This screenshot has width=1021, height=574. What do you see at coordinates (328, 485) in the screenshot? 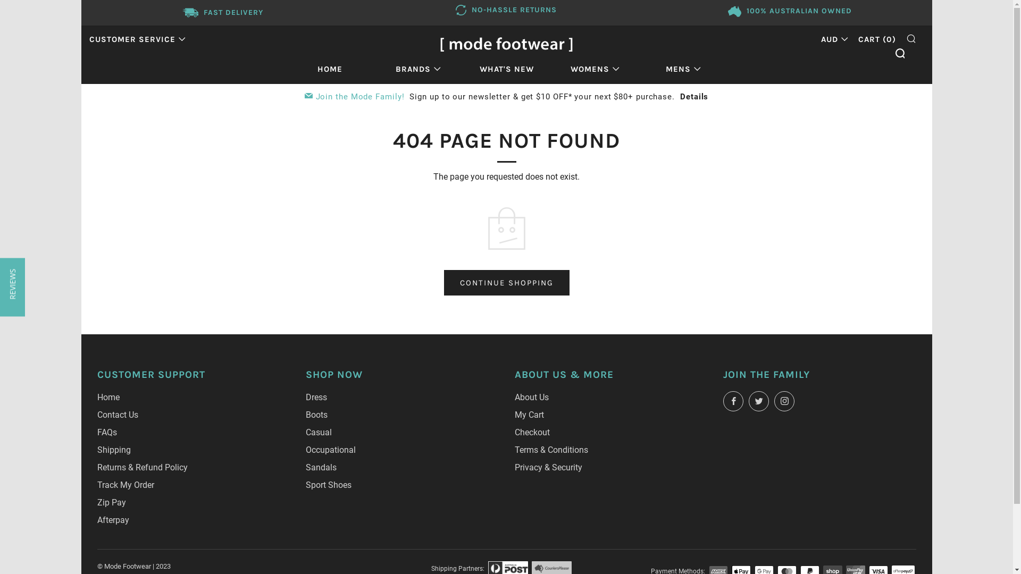
I see `'Sport Shoes'` at bounding box center [328, 485].